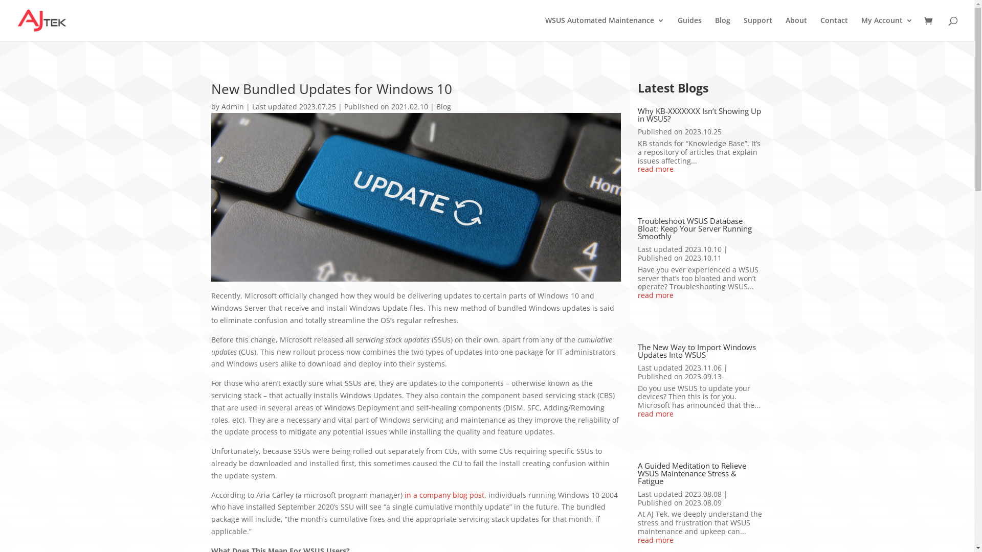 This screenshot has height=552, width=982. Describe the element at coordinates (696, 350) in the screenshot. I see `'The New Way to Import Windows Updates Into WSUS'` at that location.